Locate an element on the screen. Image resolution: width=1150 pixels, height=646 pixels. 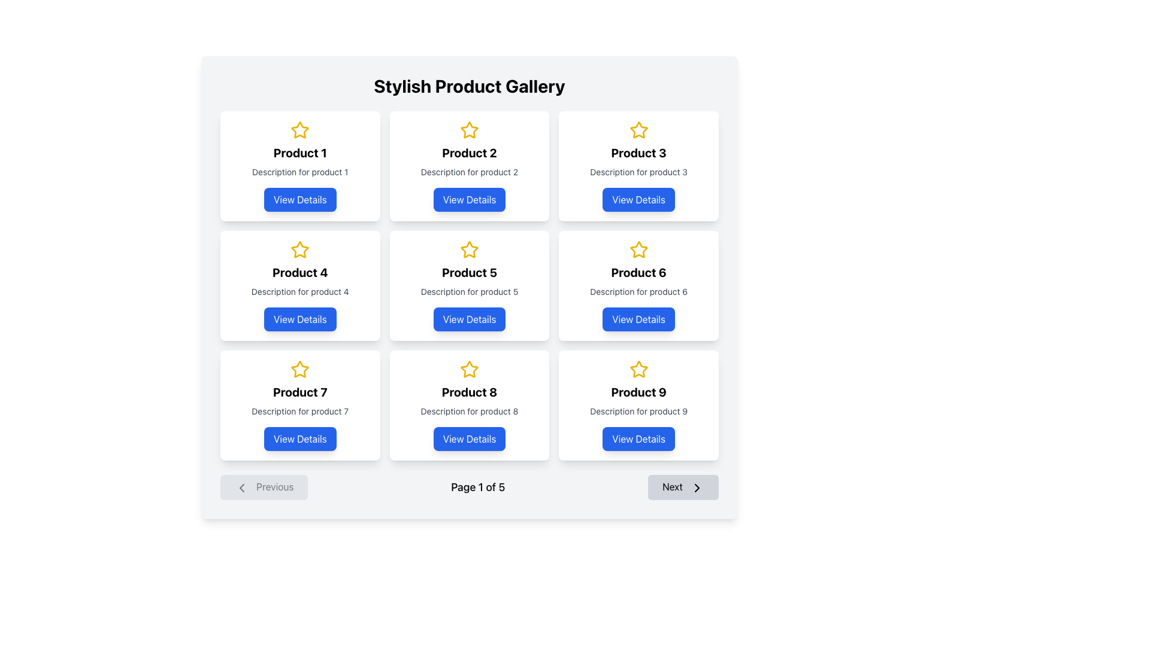
the Text Label that provides a brief description for 'Product 4' in the product grid, located above the 'View Details' button is located at coordinates (300, 292).